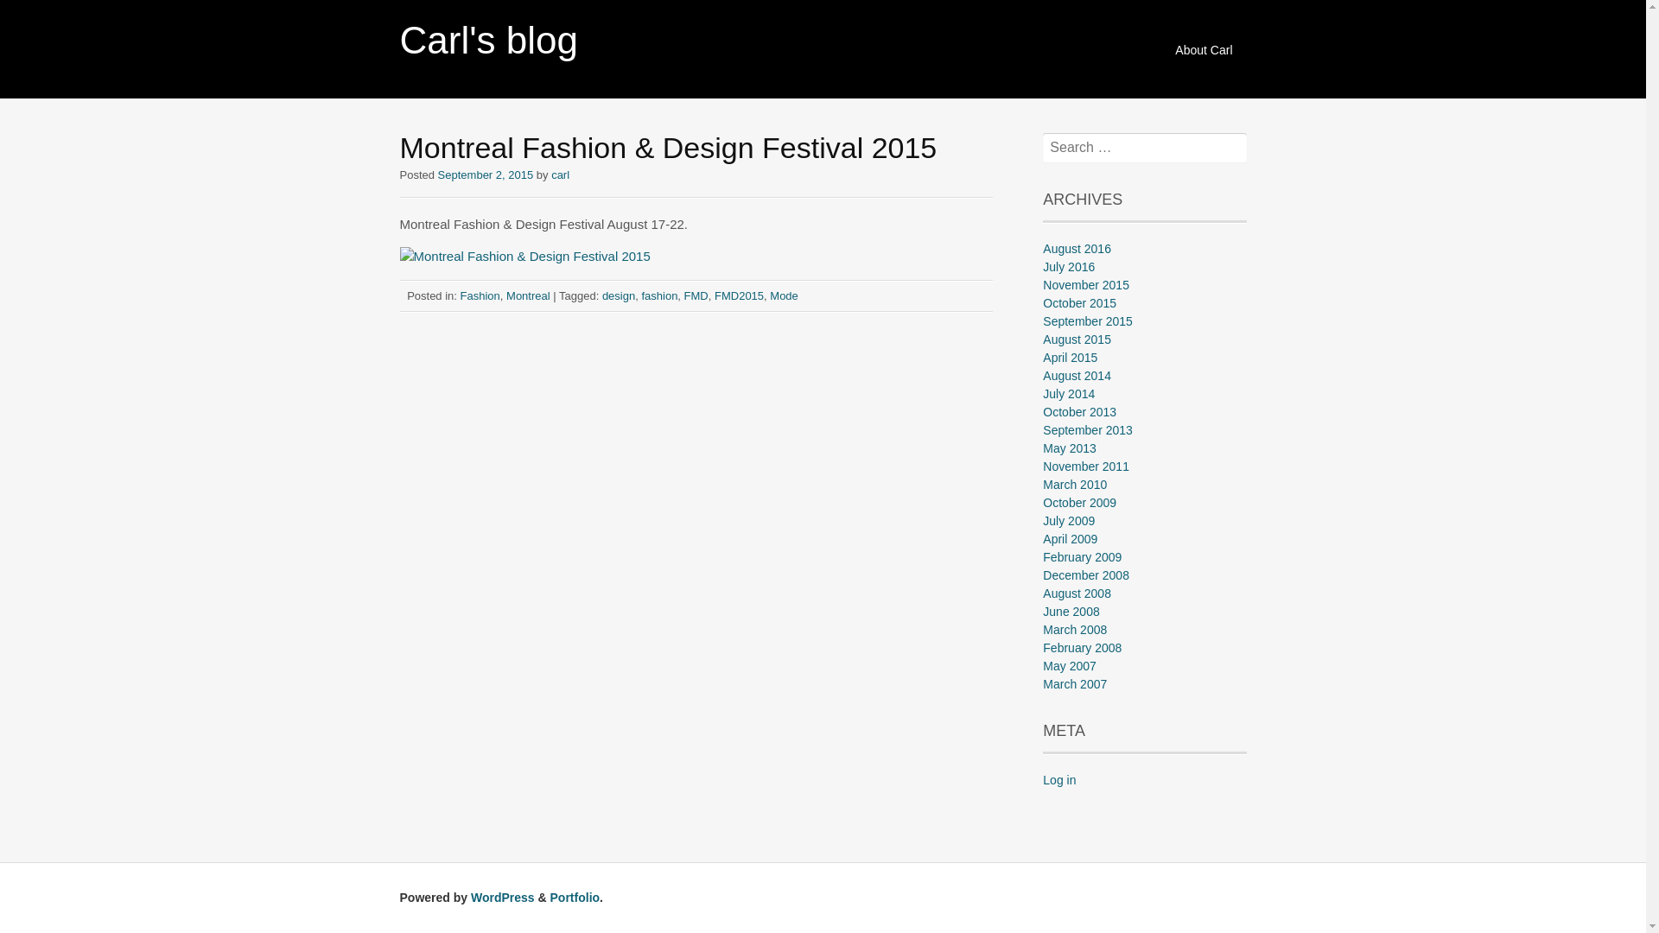 The width and height of the screenshot is (1659, 933). I want to click on 'June 2008', so click(1041, 611).